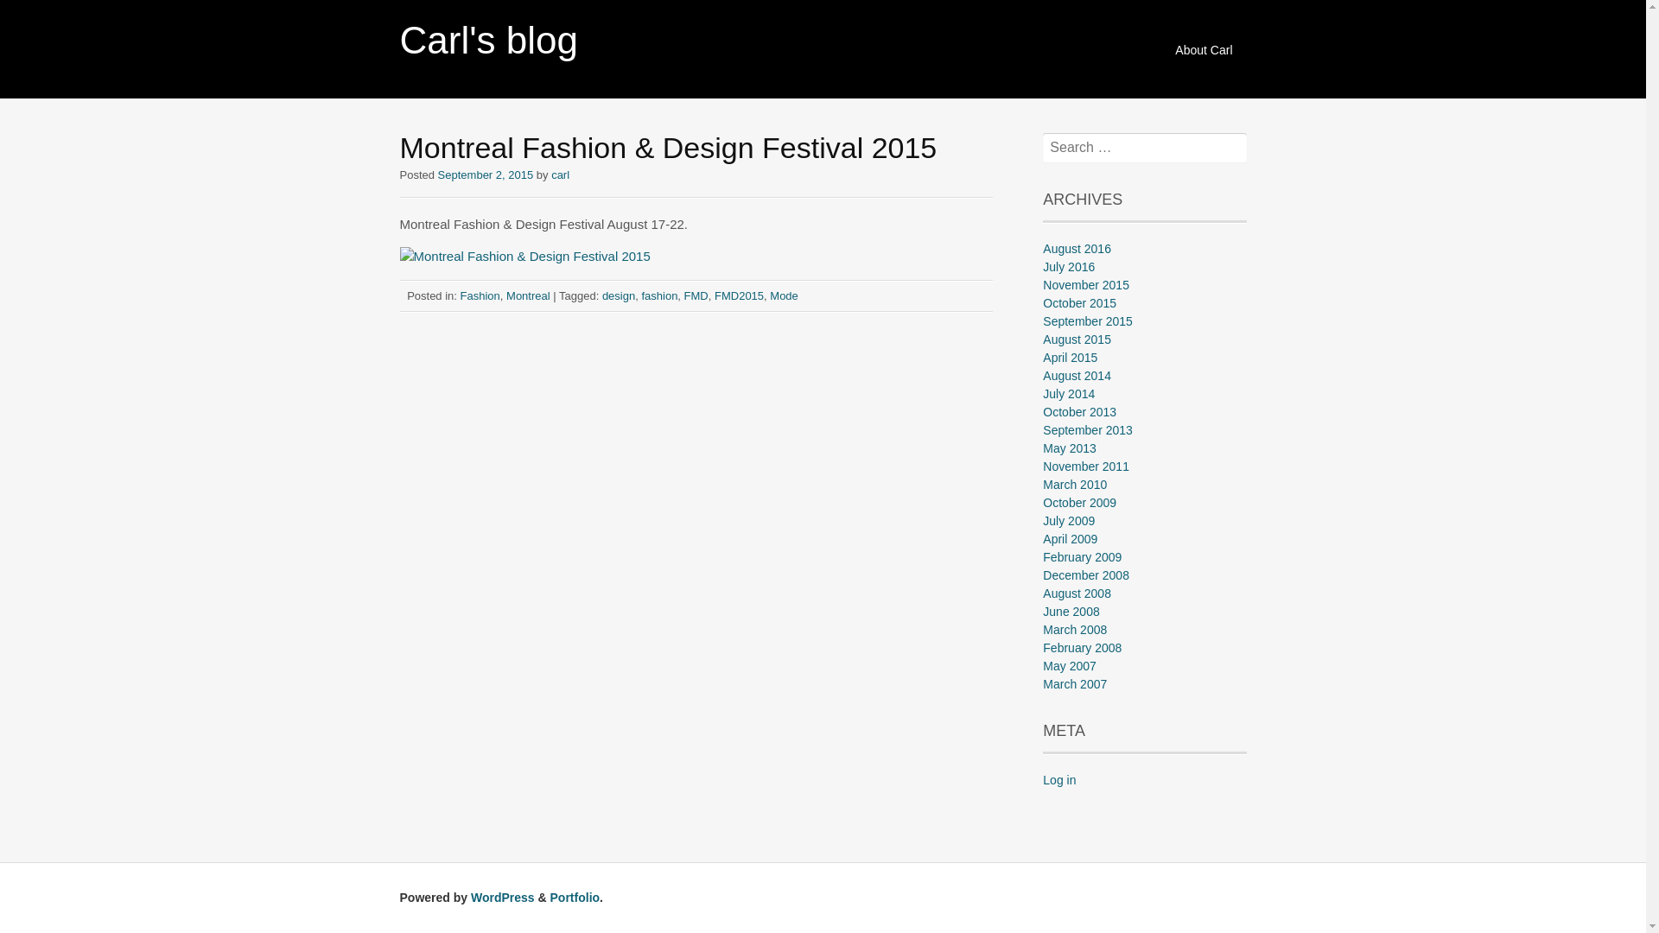 The width and height of the screenshot is (1659, 933). I want to click on 'June 2008', so click(1041, 611).